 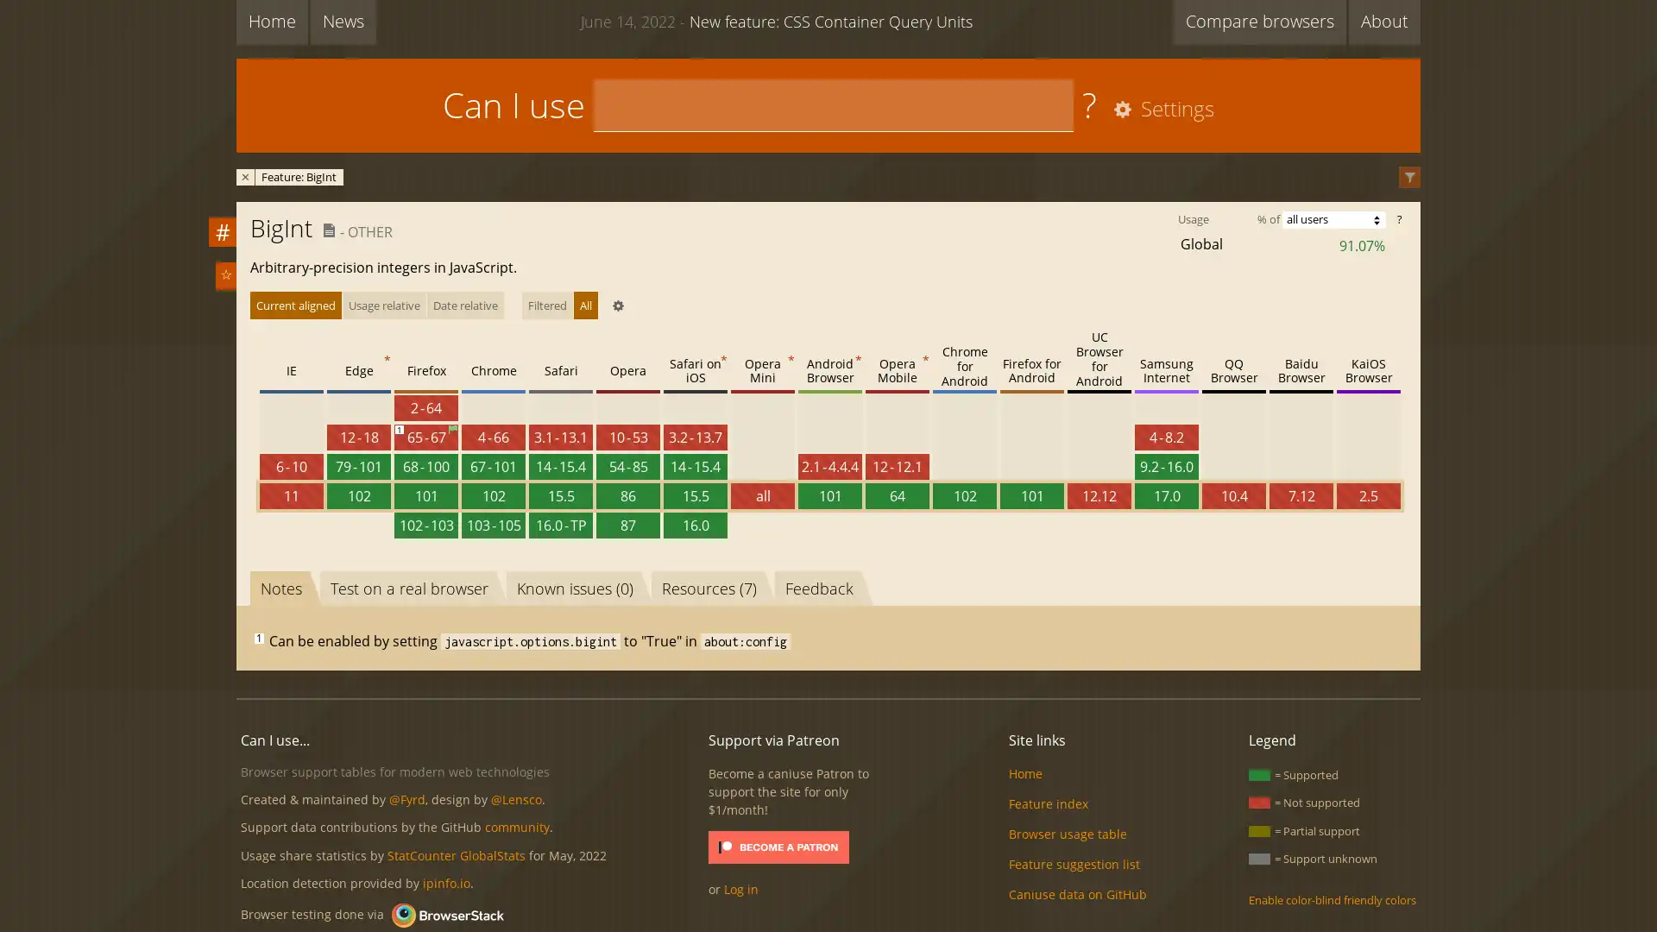 What do you see at coordinates (465, 305) in the screenshot?
I see `Date relative` at bounding box center [465, 305].